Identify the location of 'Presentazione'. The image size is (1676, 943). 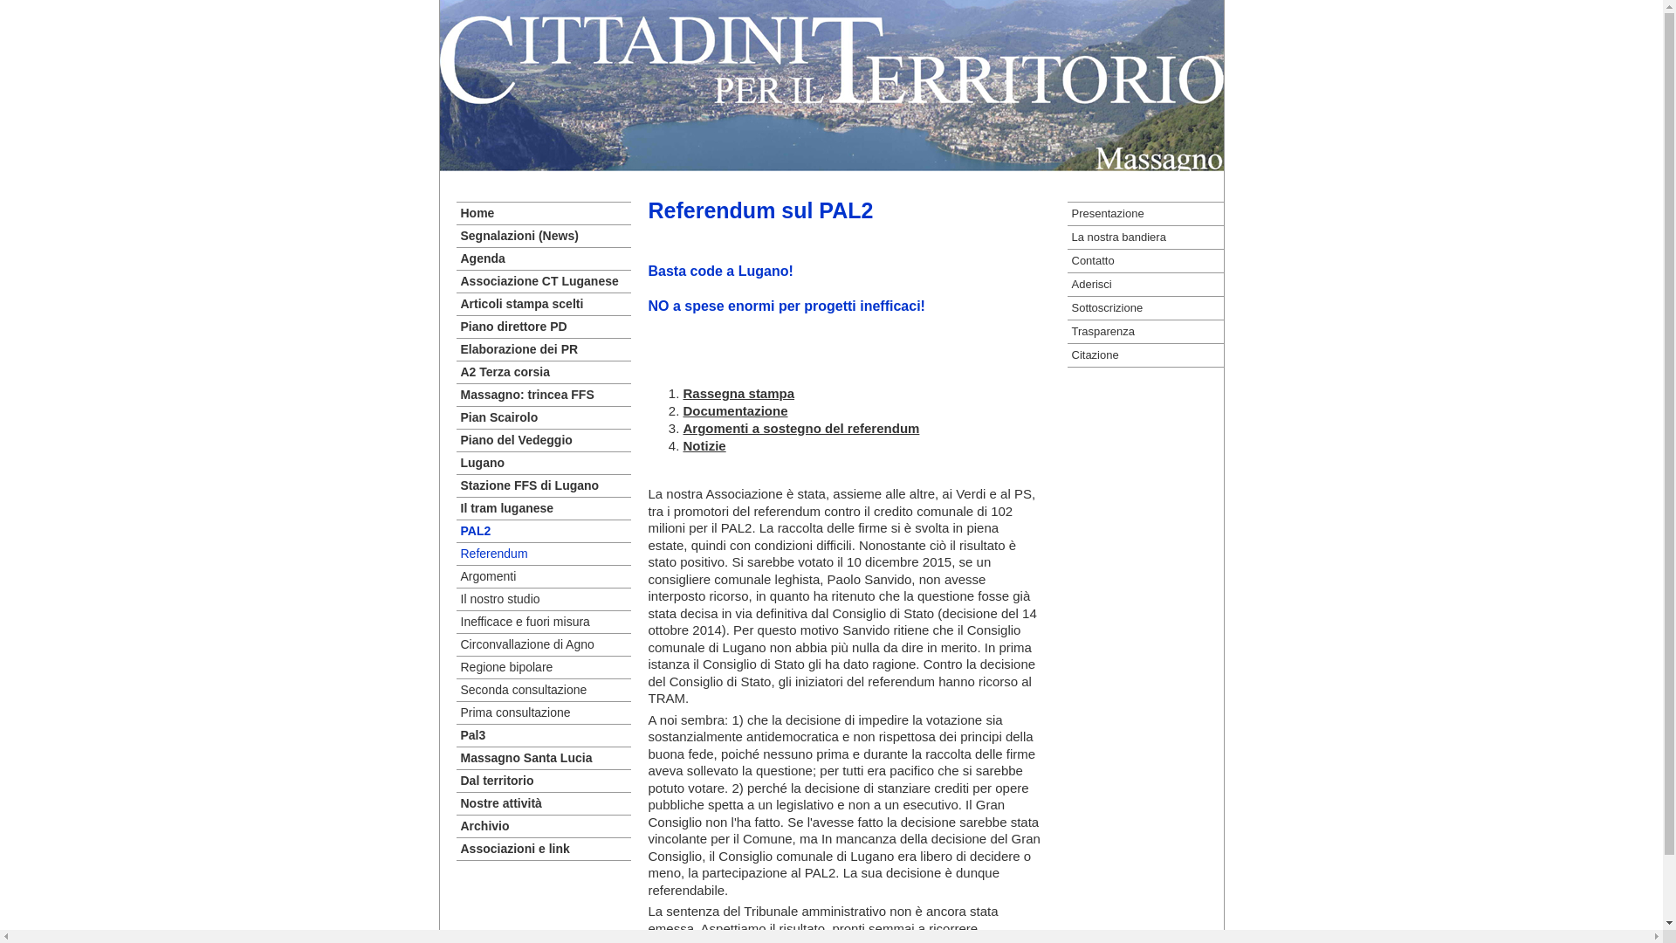
(1144, 213).